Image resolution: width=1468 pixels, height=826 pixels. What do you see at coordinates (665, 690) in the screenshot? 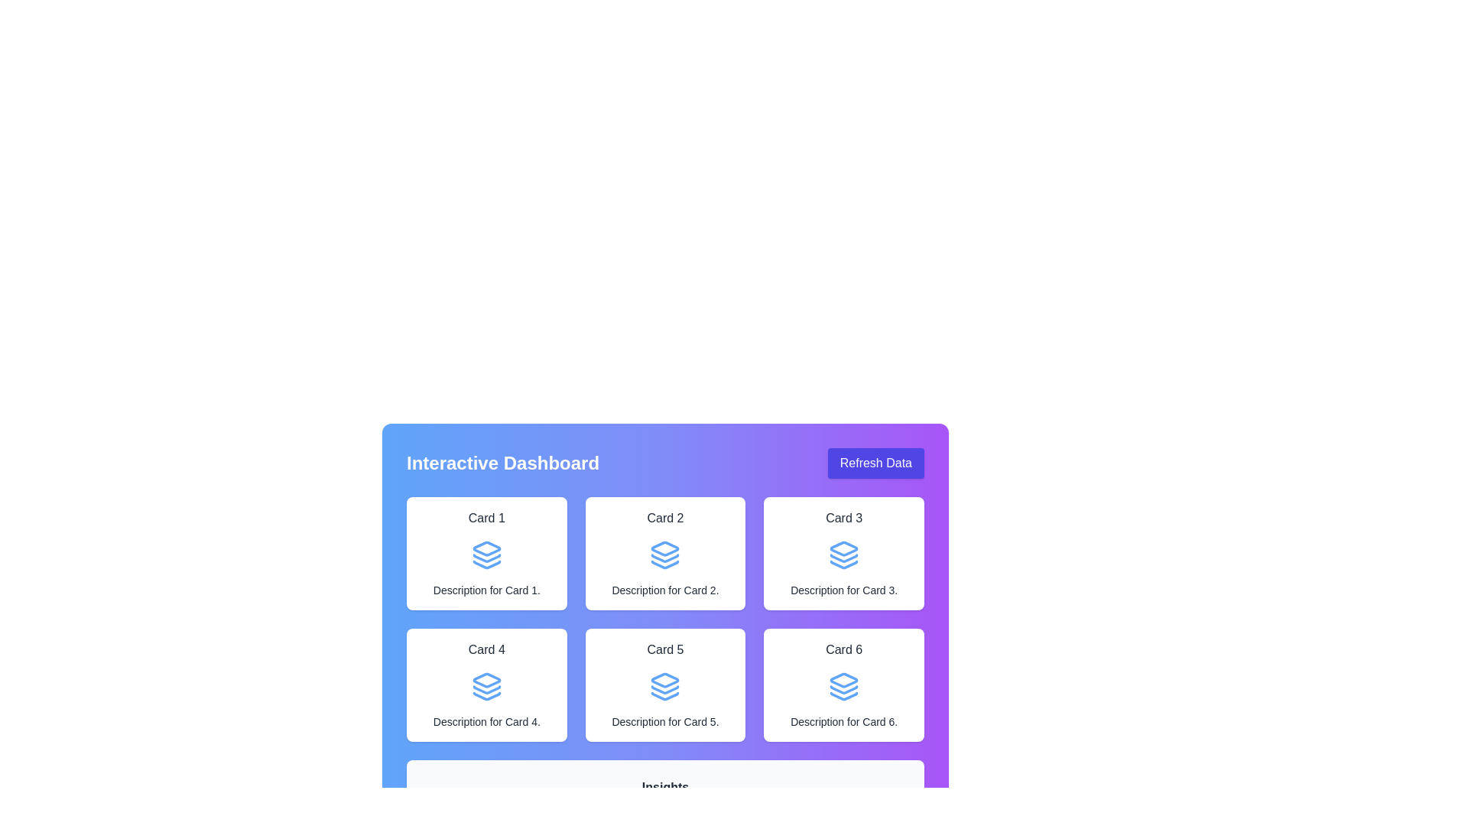
I see `the middle layer graphical icon in the Card 5 section, located in the second row and second column of the triple-layered visualization` at bounding box center [665, 690].